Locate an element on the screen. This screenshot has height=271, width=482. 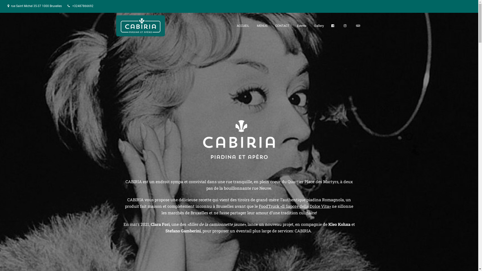
'CONTACT' is located at coordinates (271, 26).